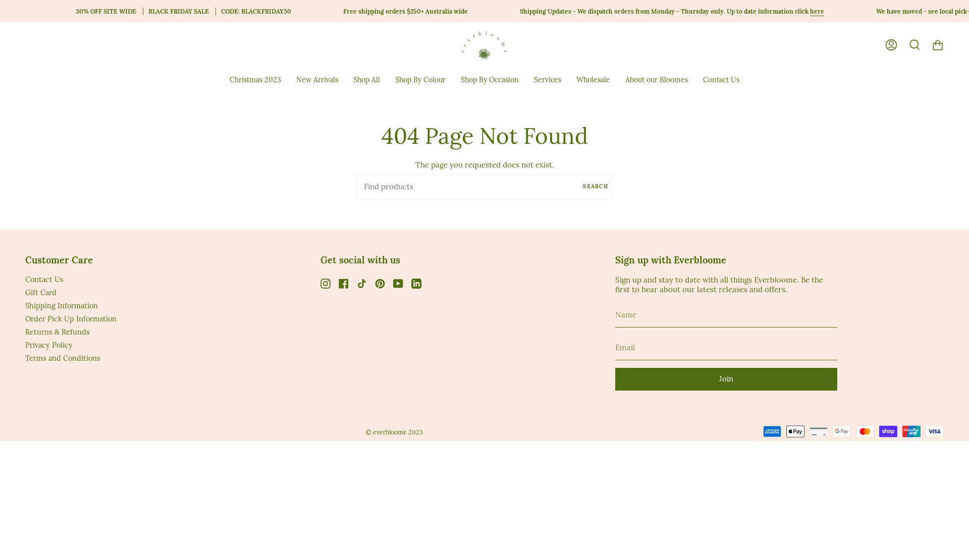 This screenshot has width=969, height=545. Describe the element at coordinates (525, 79) in the screenshot. I see `'Services'` at that location.